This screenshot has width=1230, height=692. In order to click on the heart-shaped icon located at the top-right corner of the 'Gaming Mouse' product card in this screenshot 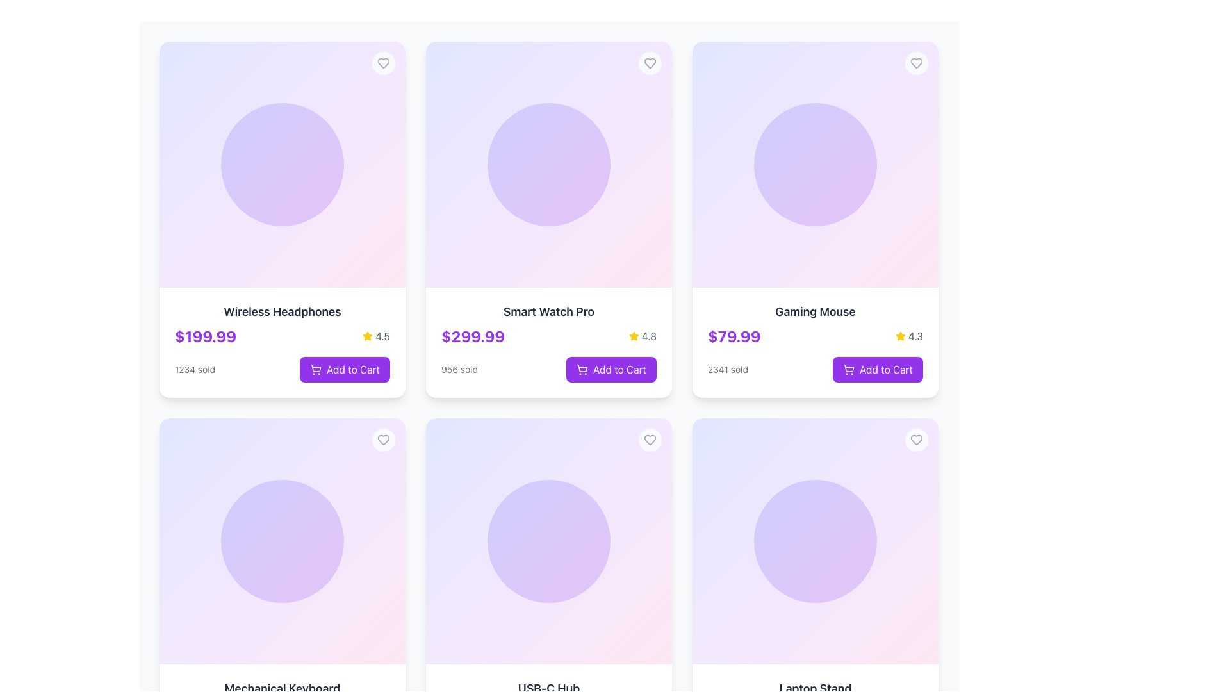, I will do `click(915, 63)`.